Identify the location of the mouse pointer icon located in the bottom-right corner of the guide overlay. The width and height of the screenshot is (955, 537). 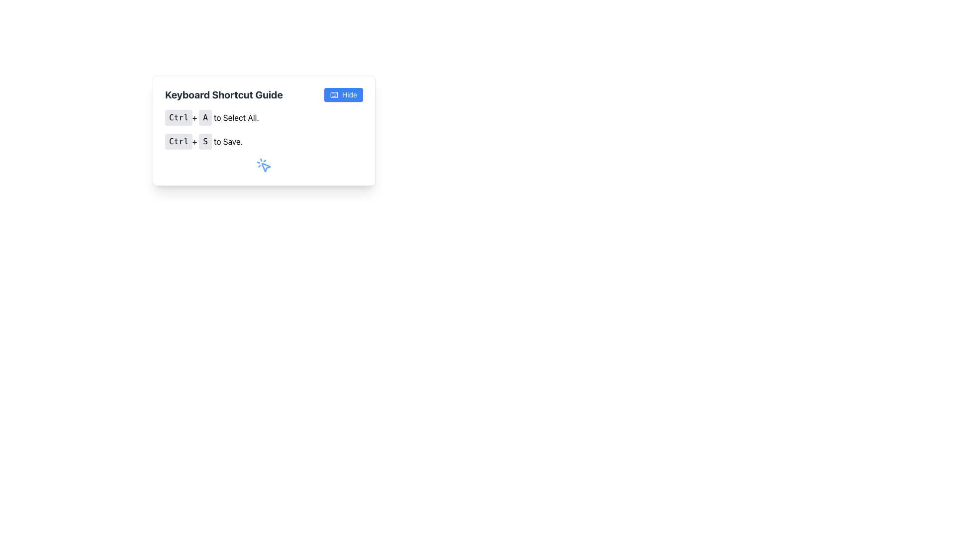
(266, 167).